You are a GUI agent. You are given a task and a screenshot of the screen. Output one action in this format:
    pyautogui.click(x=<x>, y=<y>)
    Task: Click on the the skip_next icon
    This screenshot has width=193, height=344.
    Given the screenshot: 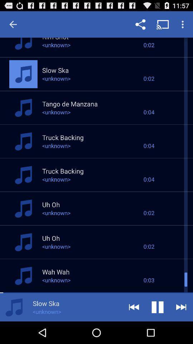 What is the action you would take?
    pyautogui.click(x=181, y=329)
    